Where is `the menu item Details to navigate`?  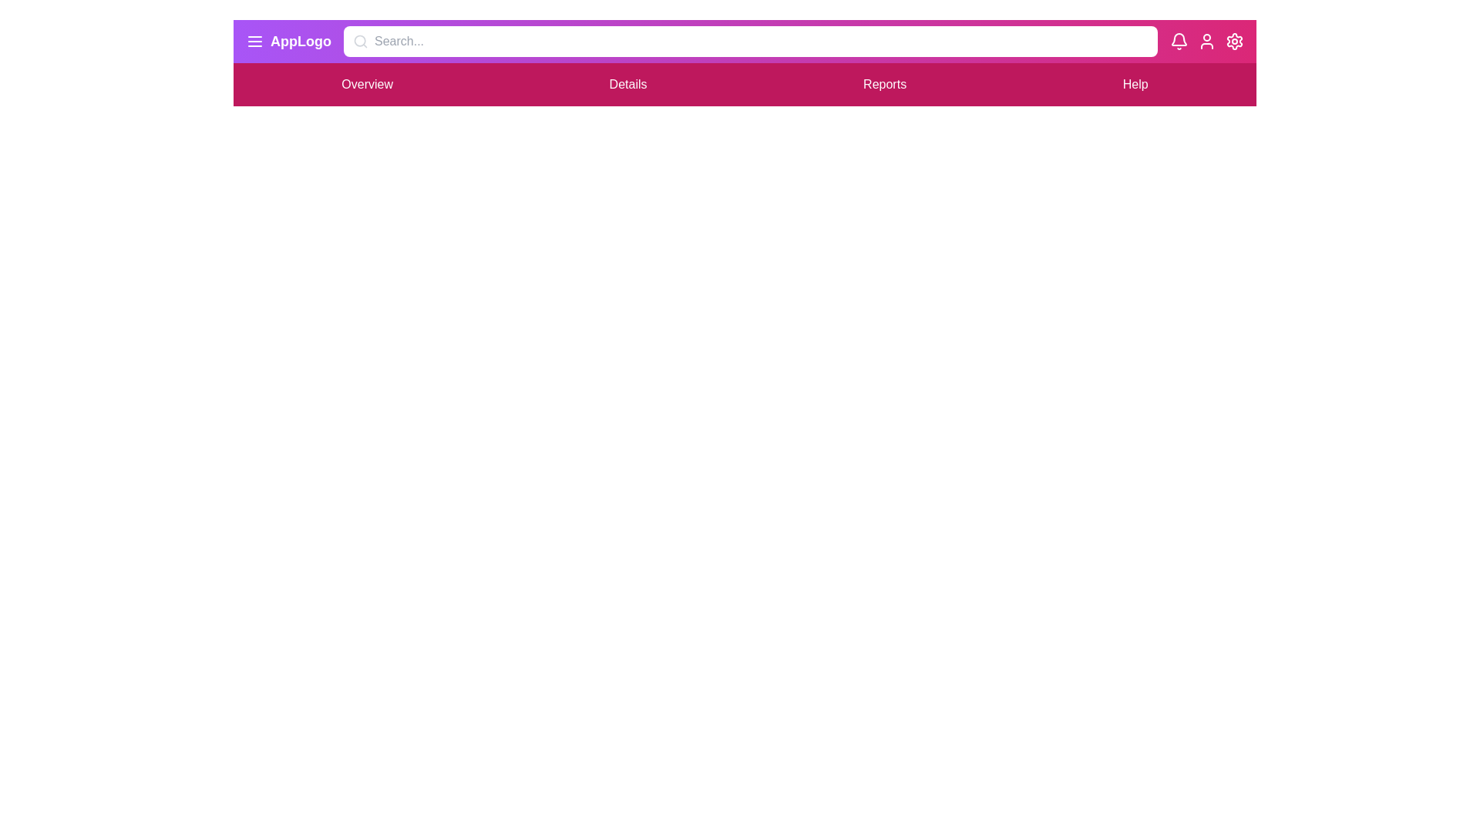 the menu item Details to navigate is located at coordinates (628, 85).